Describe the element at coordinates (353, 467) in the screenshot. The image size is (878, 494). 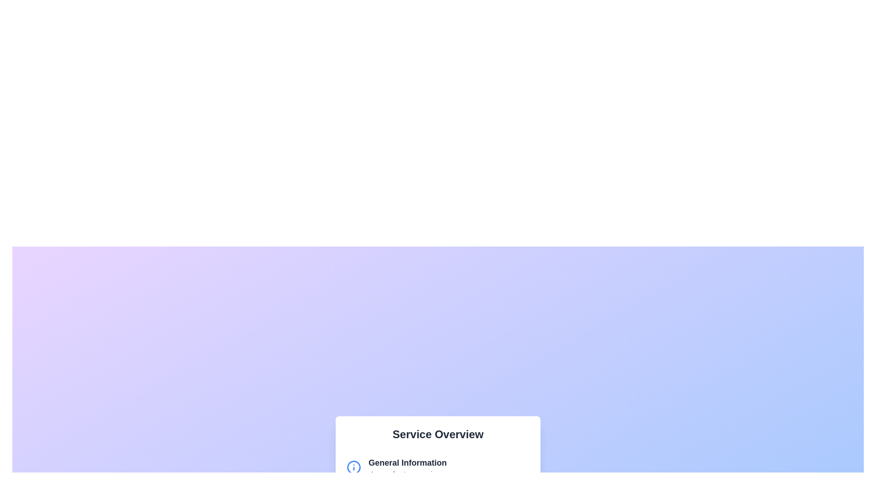
I see `the icon located to the left of the 'General Information' text` at that location.